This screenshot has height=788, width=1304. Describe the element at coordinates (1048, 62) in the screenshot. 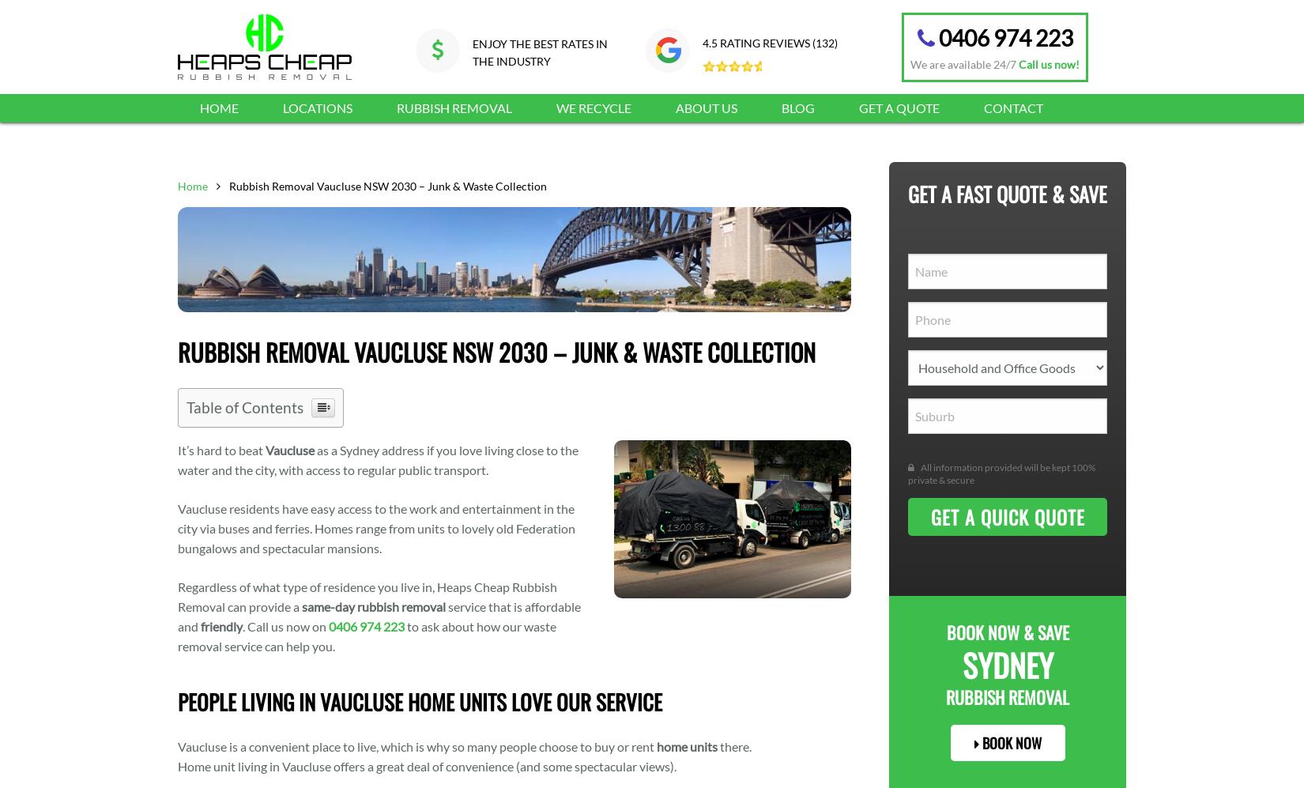

I see `'Call us now!'` at that location.